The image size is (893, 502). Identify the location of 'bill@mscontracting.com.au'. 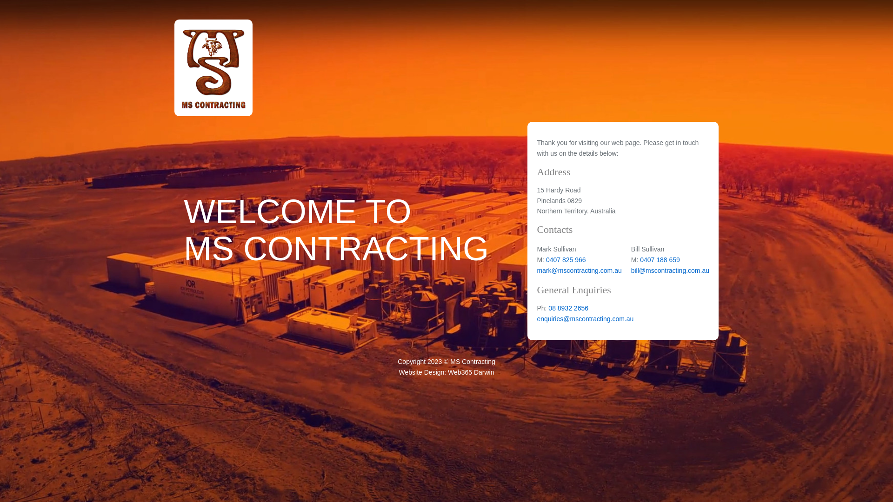
(670, 271).